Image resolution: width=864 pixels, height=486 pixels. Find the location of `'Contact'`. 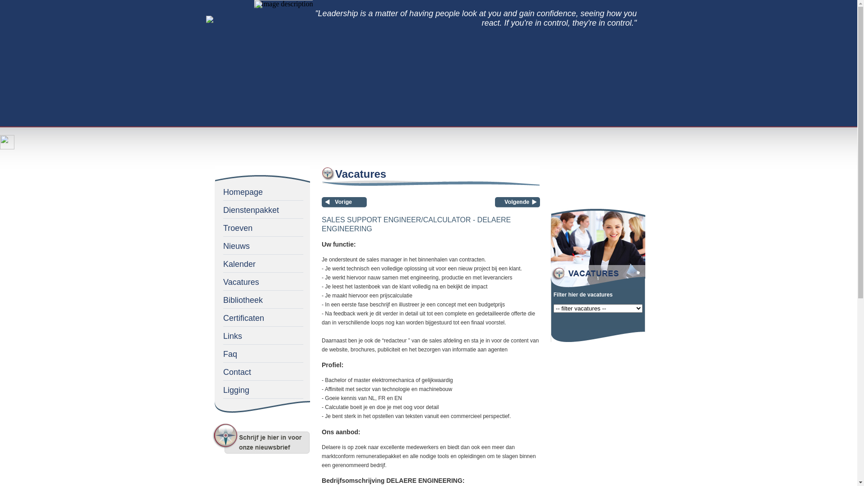

'Contact' is located at coordinates (261, 370).